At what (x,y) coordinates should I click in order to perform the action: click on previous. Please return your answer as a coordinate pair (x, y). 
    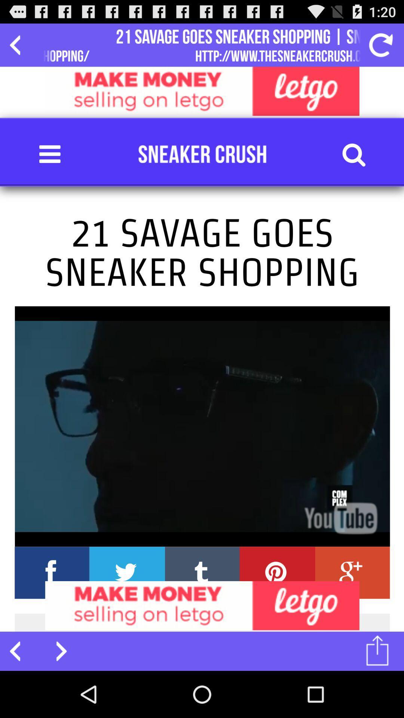
    Looking at the image, I should click on (19, 651).